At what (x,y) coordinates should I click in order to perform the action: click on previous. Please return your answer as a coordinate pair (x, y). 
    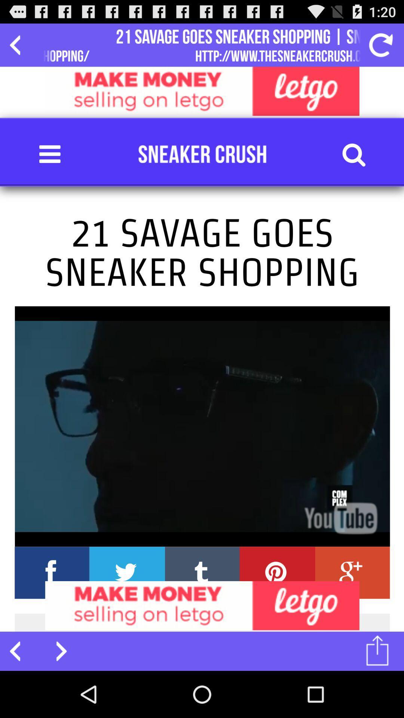
    Looking at the image, I should click on (19, 651).